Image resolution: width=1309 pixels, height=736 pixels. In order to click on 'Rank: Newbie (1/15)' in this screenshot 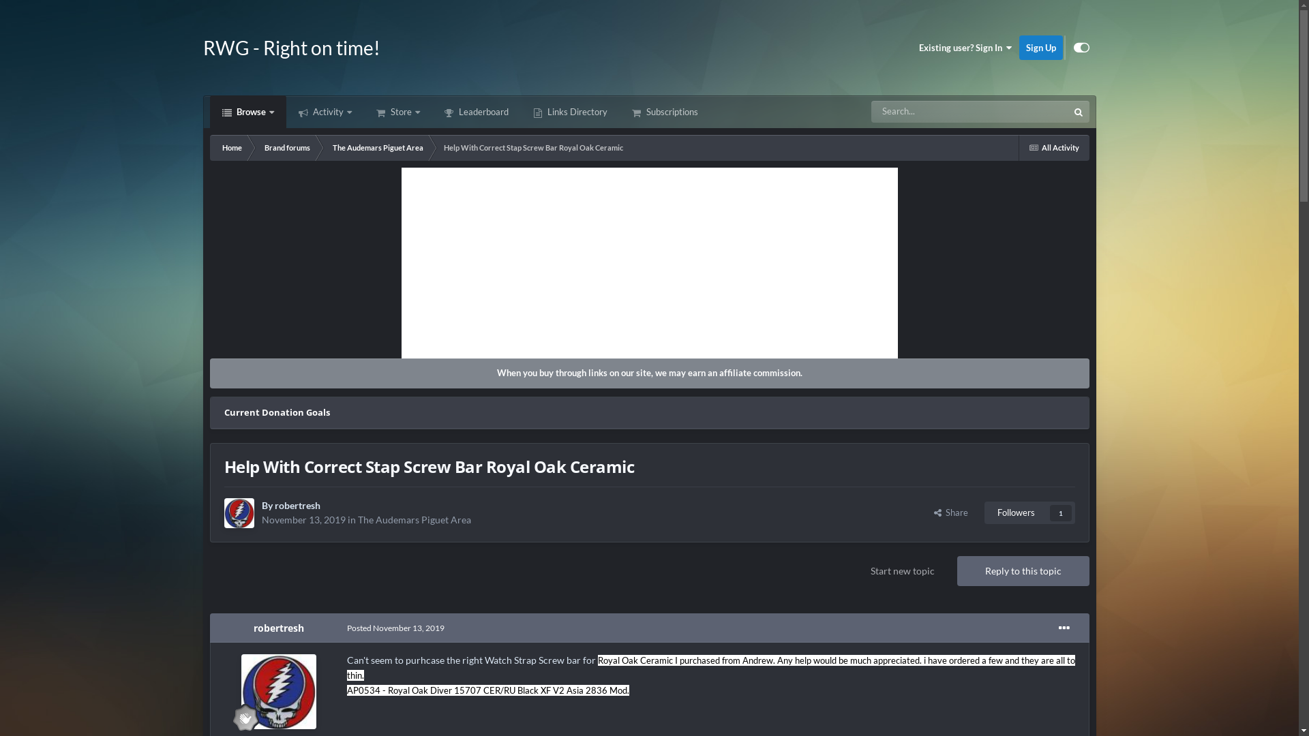, I will do `click(232, 717)`.